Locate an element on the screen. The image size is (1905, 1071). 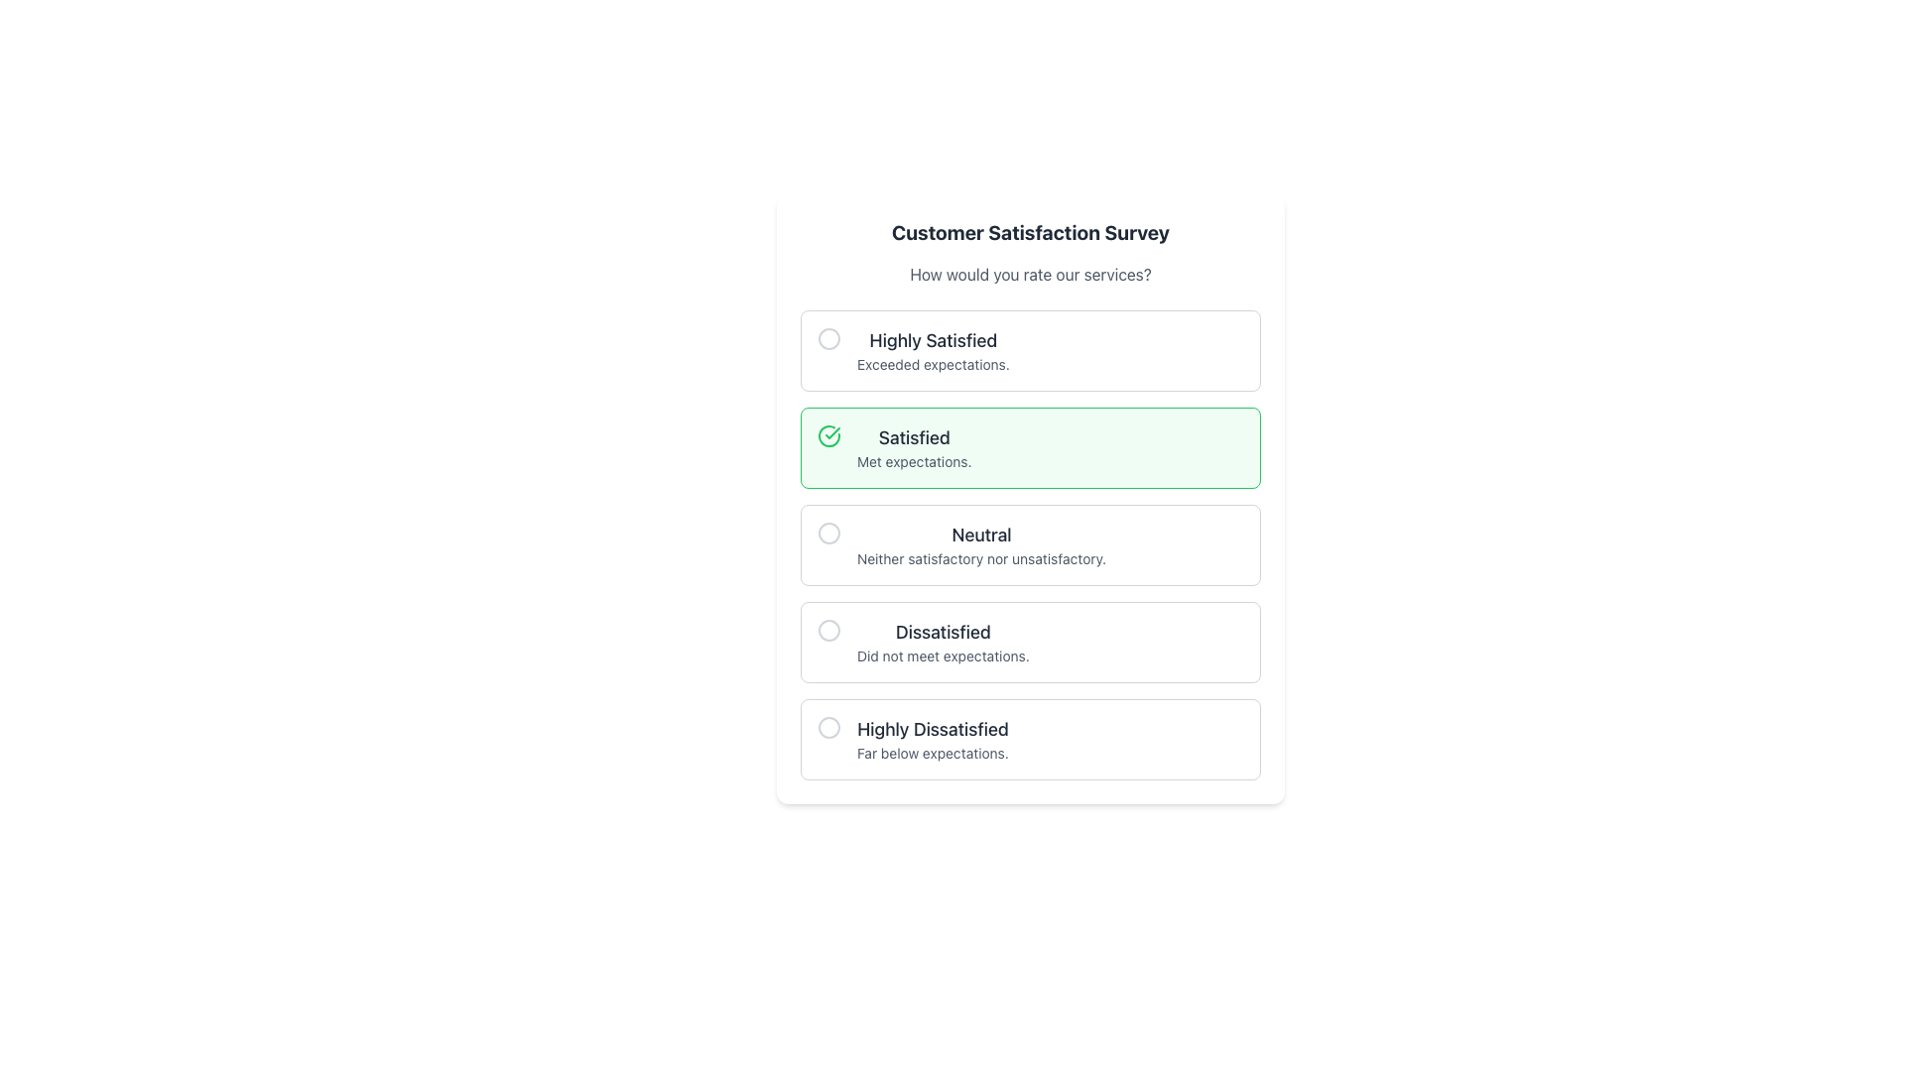
the selectable option group representing a neutral opinion in a customer satisfaction survey is located at coordinates (1030, 545).